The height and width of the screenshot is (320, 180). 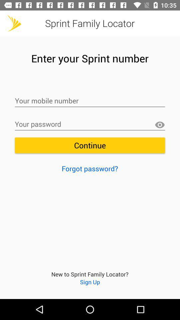 What do you see at coordinates (90, 281) in the screenshot?
I see `the icon below the new to sprint item` at bounding box center [90, 281].